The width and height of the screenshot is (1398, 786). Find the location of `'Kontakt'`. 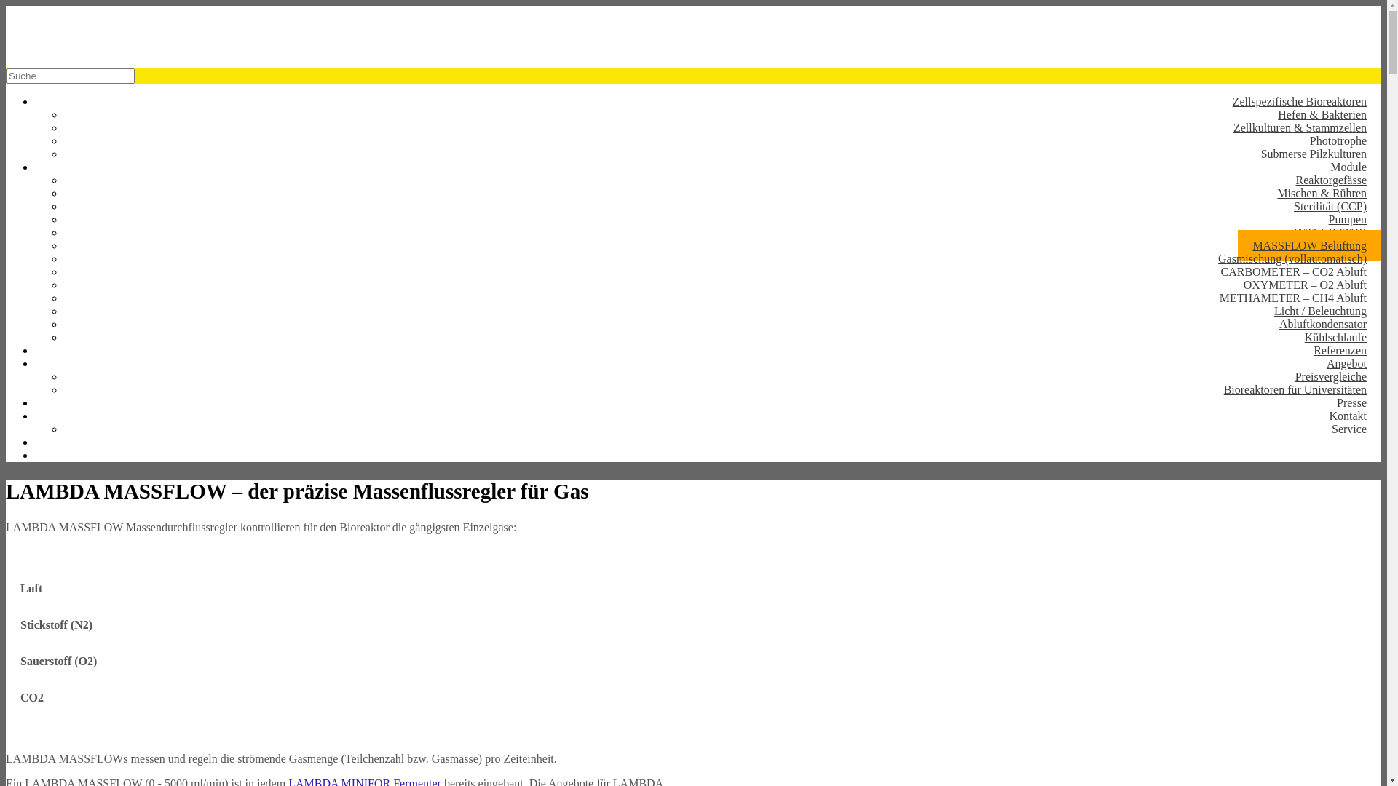

'Kontakt' is located at coordinates (1347, 416).